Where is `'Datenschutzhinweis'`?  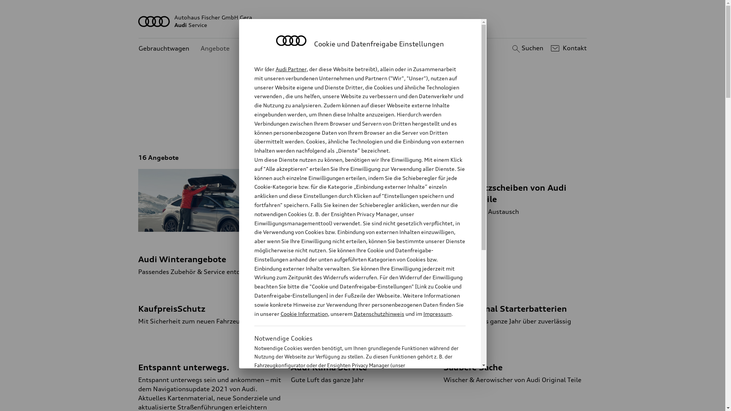 'Datenschutzhinweis' is located at coordinates (378, 314).